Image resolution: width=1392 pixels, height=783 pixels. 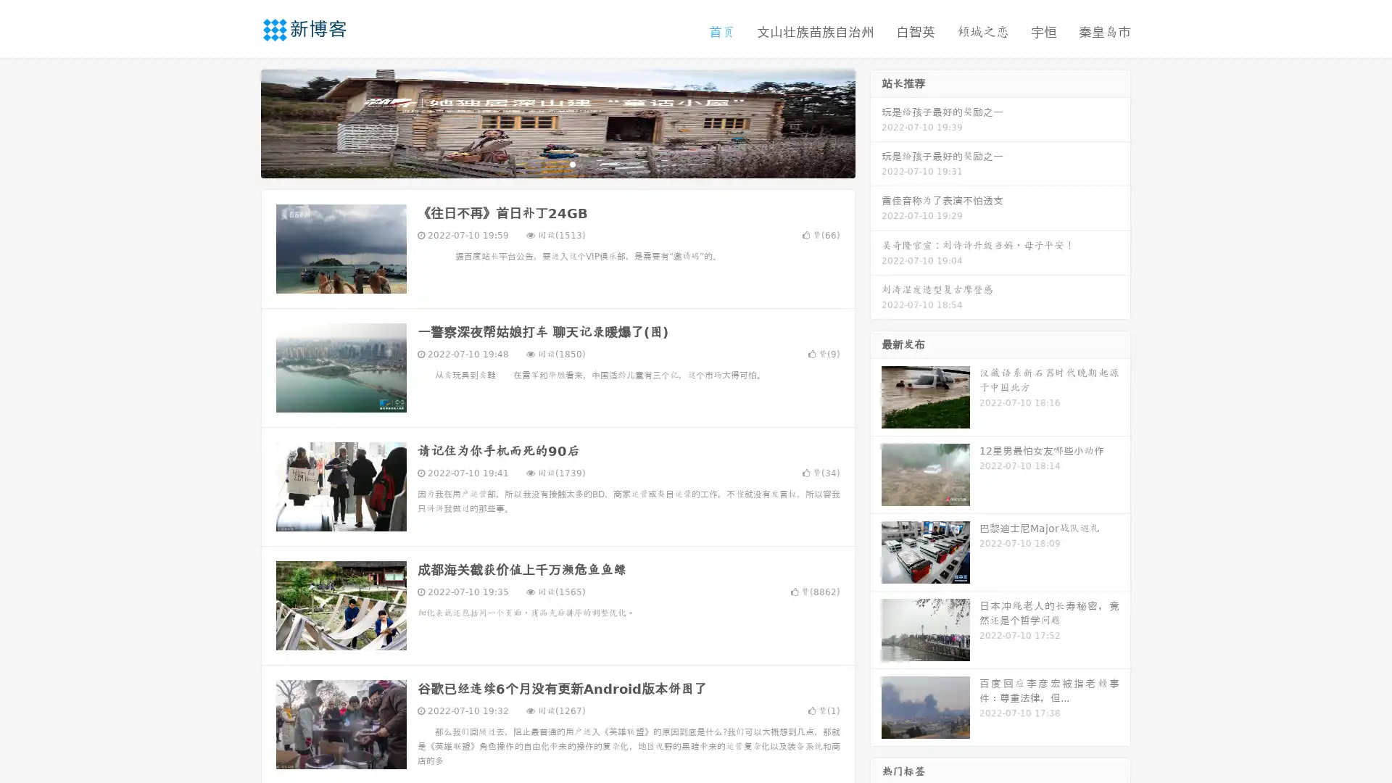 What do you see at coordinates (876, 122) in the screenshot?
I see `Next slide` at bounding box center [876, 122].